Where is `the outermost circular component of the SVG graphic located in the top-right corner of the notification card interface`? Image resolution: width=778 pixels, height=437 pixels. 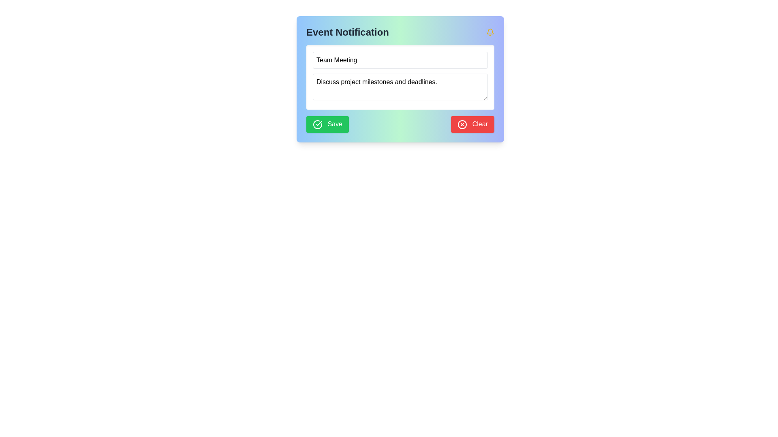
the outermost circular component of the SVG graphic located in the top-right corner of the notification card interface is located at coordinates (462, 124).